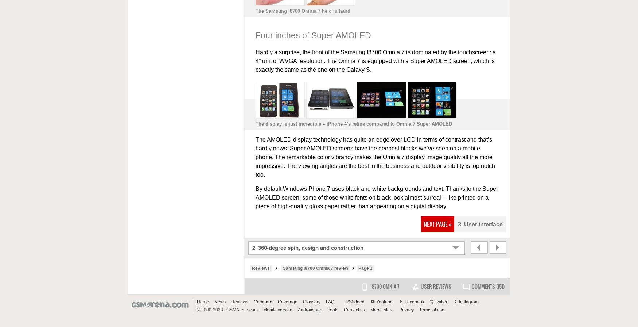  What do you see at coordinates (437, 224) in the screenshot?
I see `'Next Page »'` at bounding box center [437, 224].